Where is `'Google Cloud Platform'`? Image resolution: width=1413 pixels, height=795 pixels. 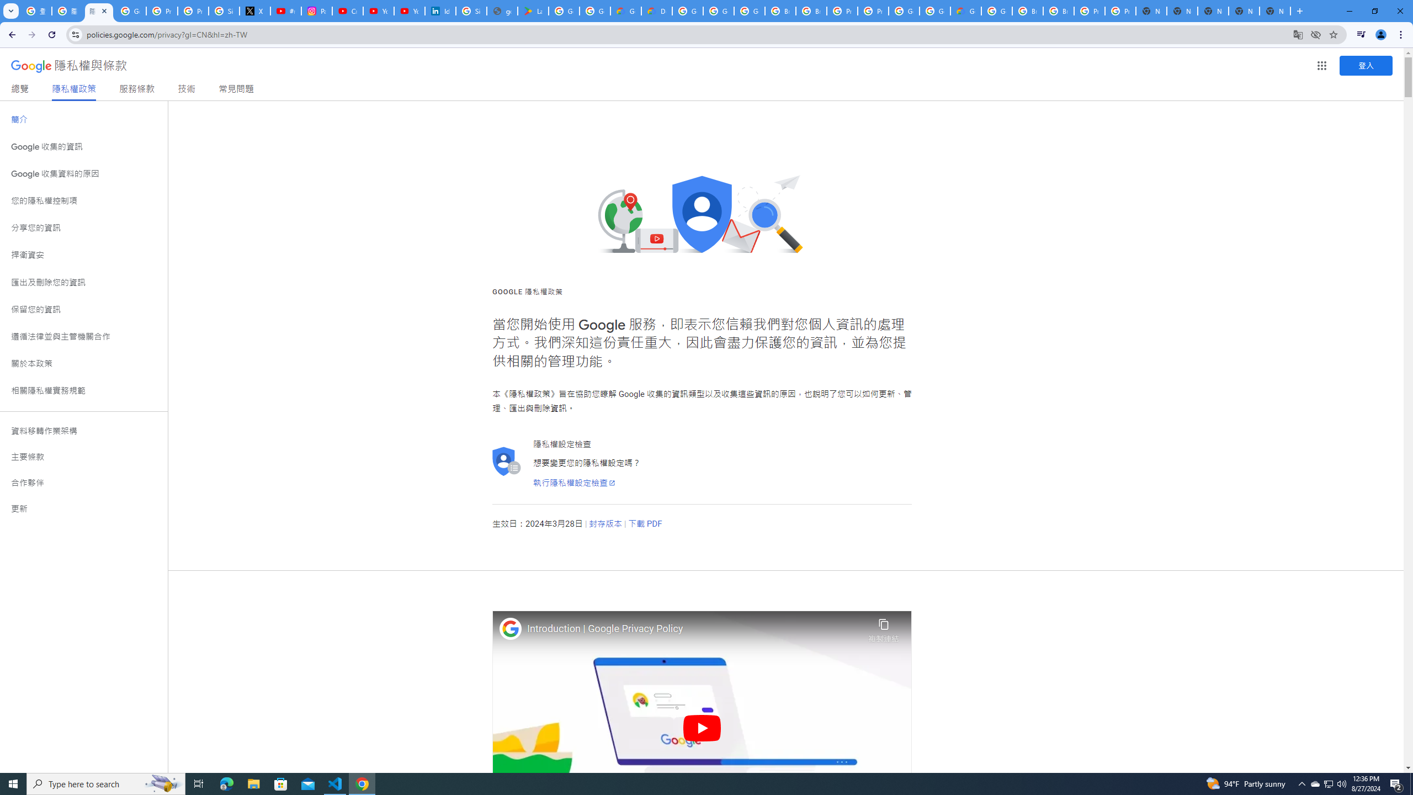
'Google Cloud Platform' is located at coordinates (934, 10).